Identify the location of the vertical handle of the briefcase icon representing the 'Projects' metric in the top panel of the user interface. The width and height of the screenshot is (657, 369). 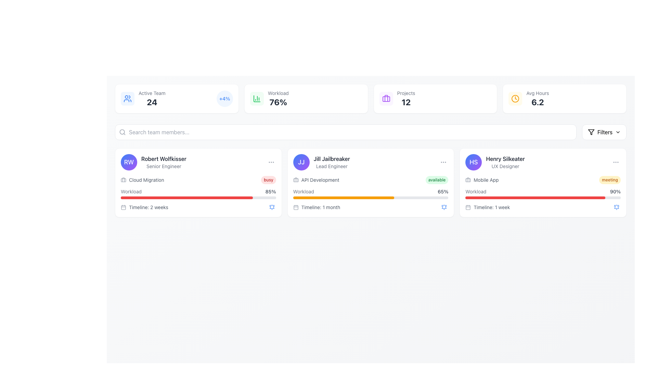
(386, 98).